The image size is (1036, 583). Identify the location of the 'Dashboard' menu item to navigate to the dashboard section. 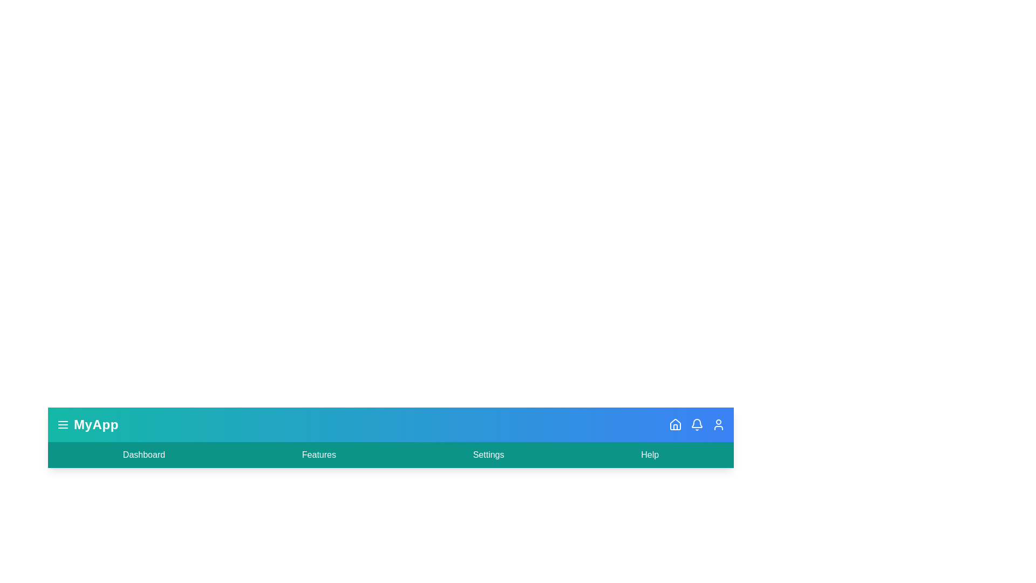
(144, 455).